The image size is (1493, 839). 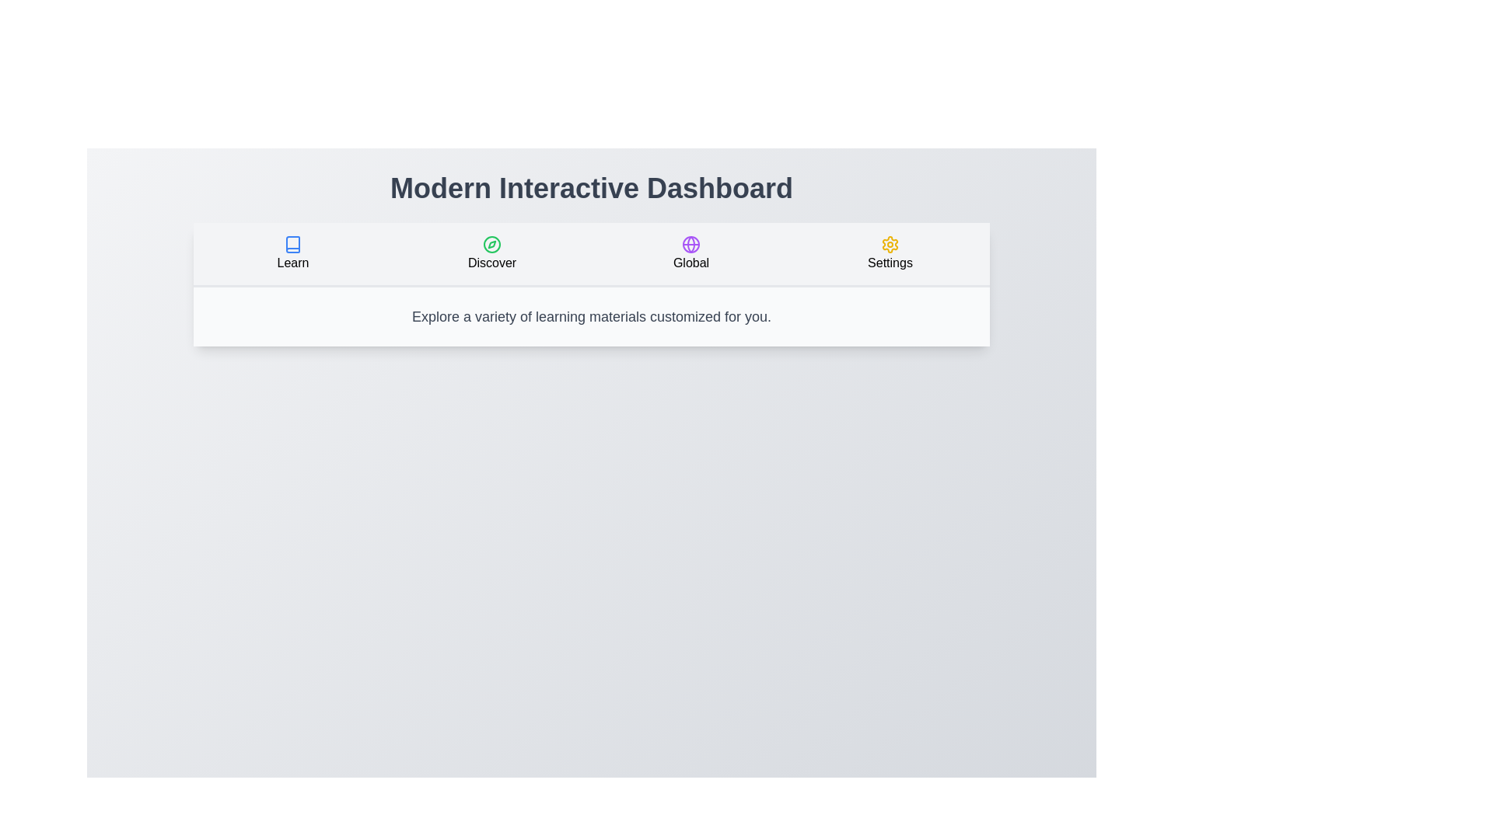 What do you see at coordinates (293, 253) in the screenshot?
I see `the 'Learn' navigation menu item located in the top-left corner of the menu bar` at bounding box center [293, 253].